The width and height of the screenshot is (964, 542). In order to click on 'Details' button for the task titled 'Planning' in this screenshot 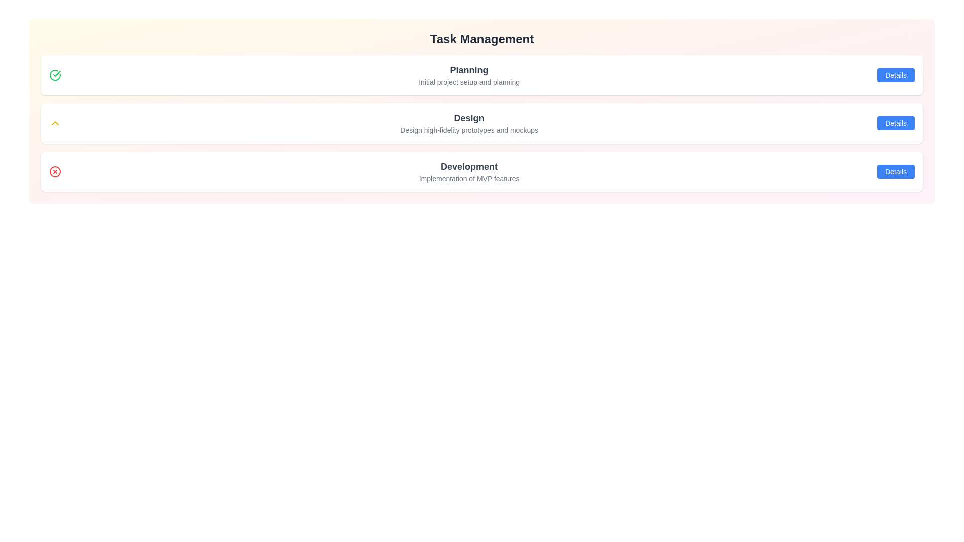, I will do `click(896, 75)`.